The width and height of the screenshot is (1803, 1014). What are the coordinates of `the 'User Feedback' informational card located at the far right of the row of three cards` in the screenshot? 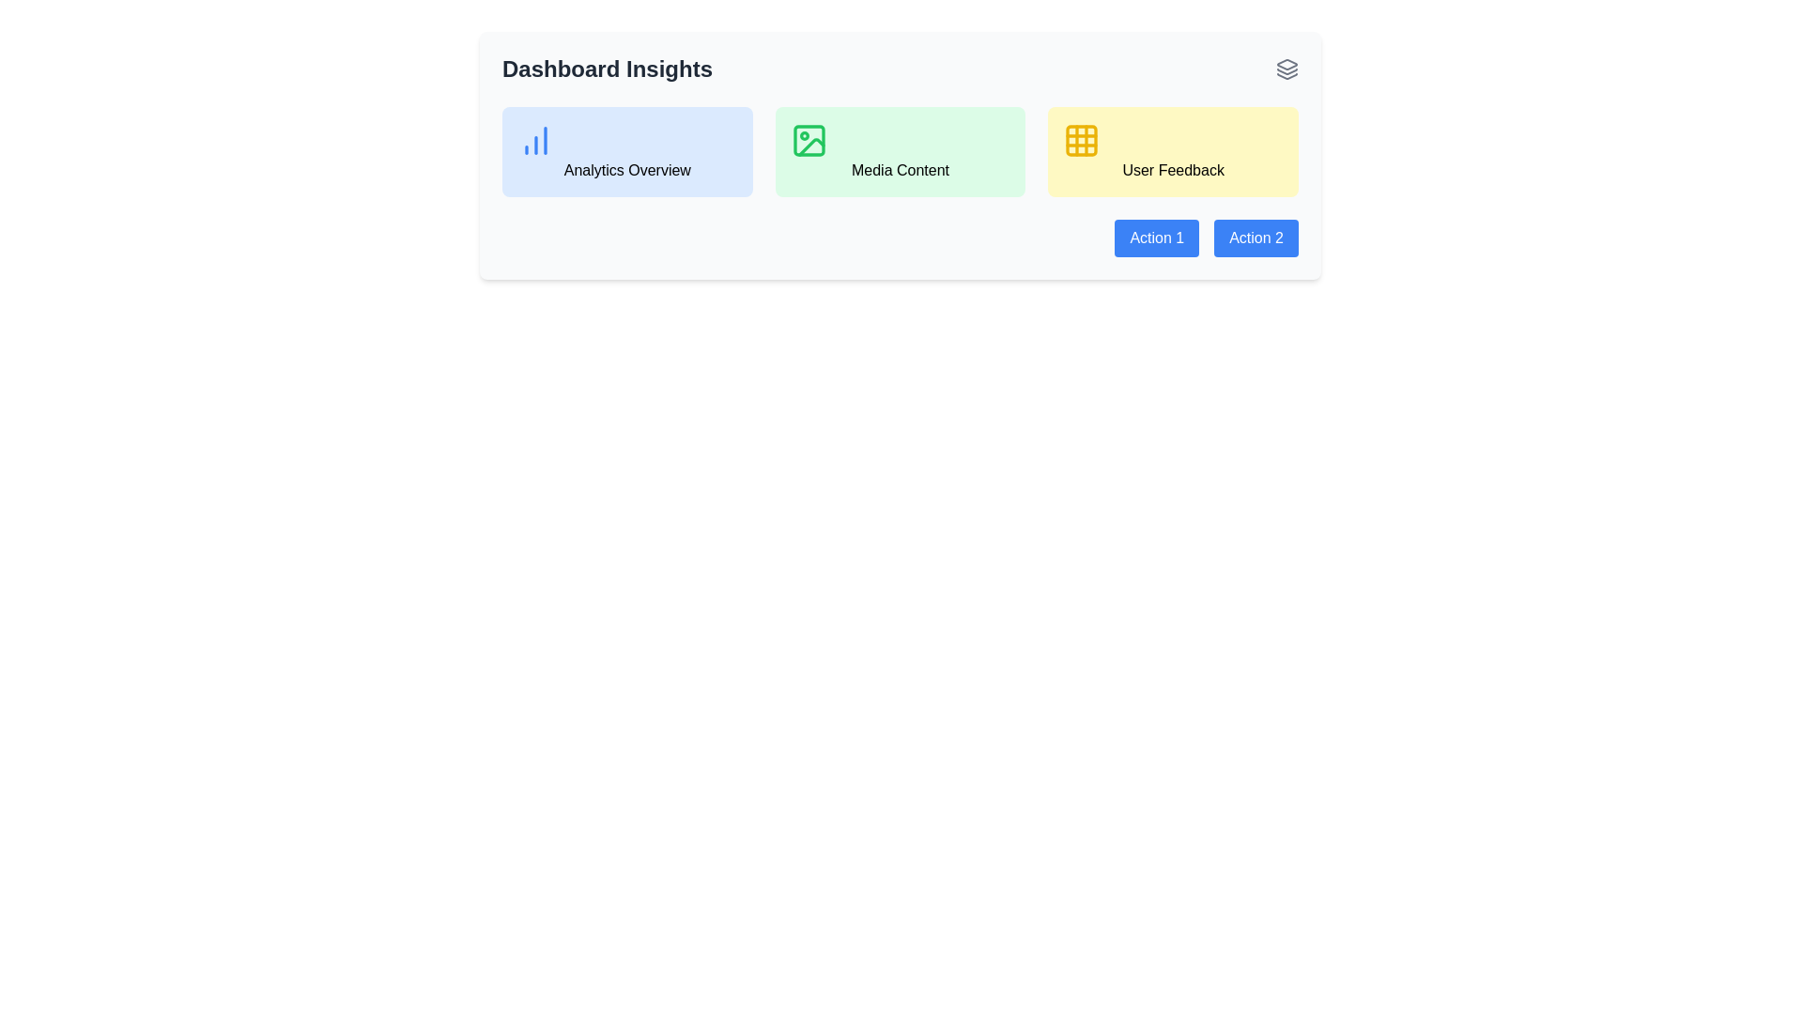 It's located at (1172, 151).